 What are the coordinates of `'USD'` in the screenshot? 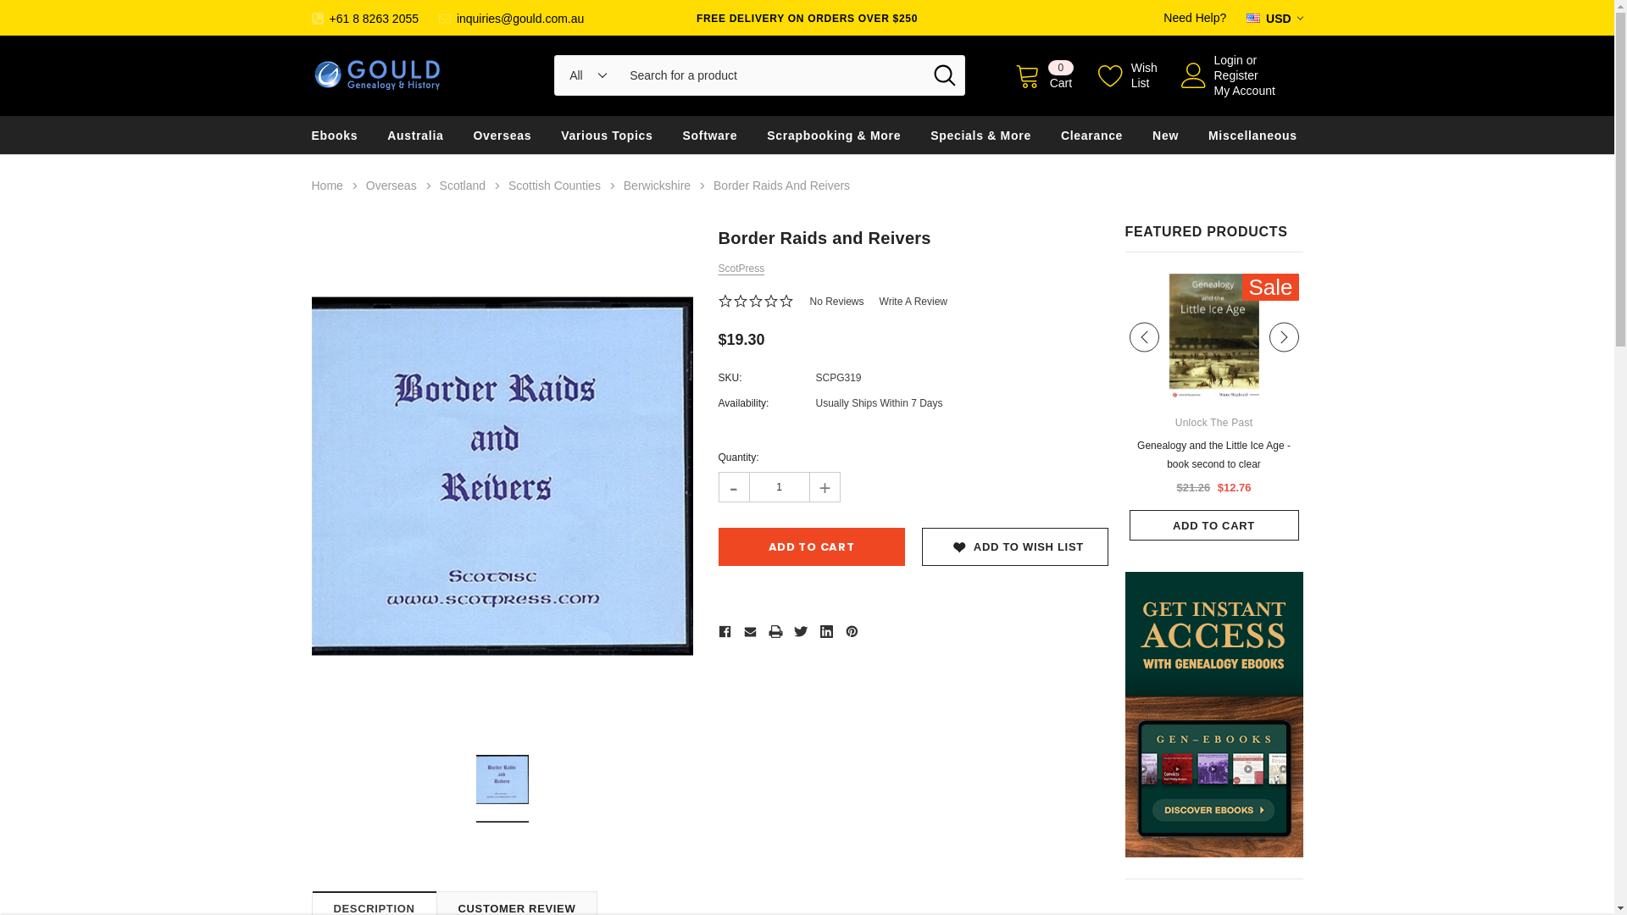 It's located at (1274, 18).